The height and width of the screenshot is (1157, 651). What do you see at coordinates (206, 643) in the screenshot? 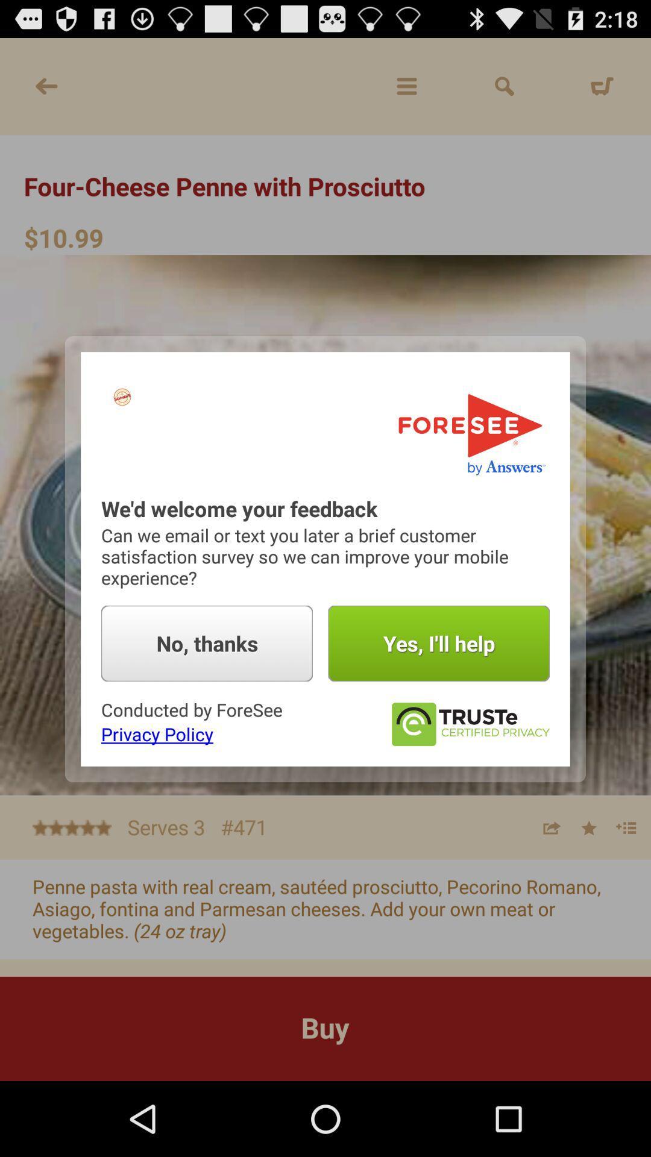
I see `item above the conducted by foresee item` at bounding box center [206, 643].